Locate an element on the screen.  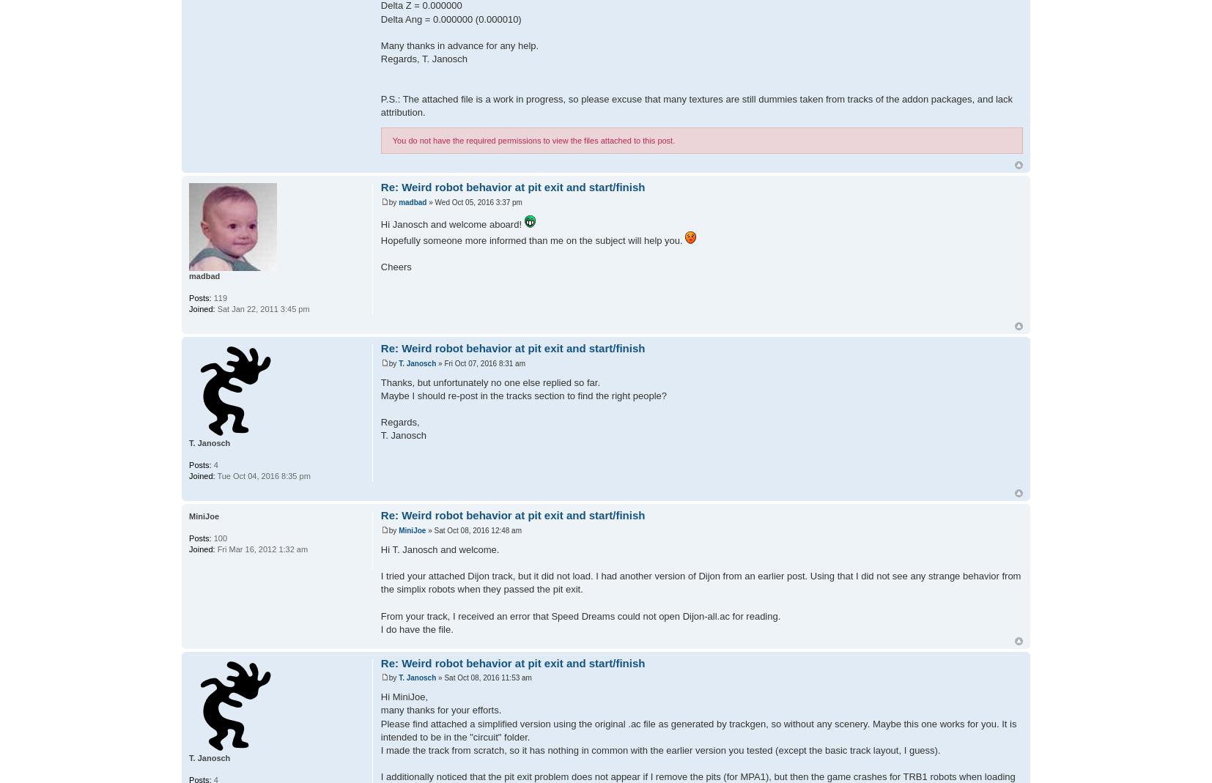
'Hi T. Janosch and welcome.' is located at coordinates (440, 549).